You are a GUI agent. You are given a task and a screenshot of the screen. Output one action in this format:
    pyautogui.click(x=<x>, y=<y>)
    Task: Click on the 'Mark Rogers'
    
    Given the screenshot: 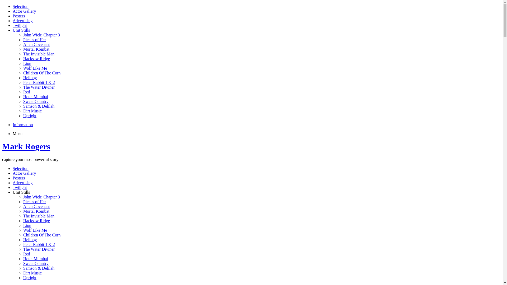 What is the action you would take?
    pyautogui.click(x=26, y=146)
    